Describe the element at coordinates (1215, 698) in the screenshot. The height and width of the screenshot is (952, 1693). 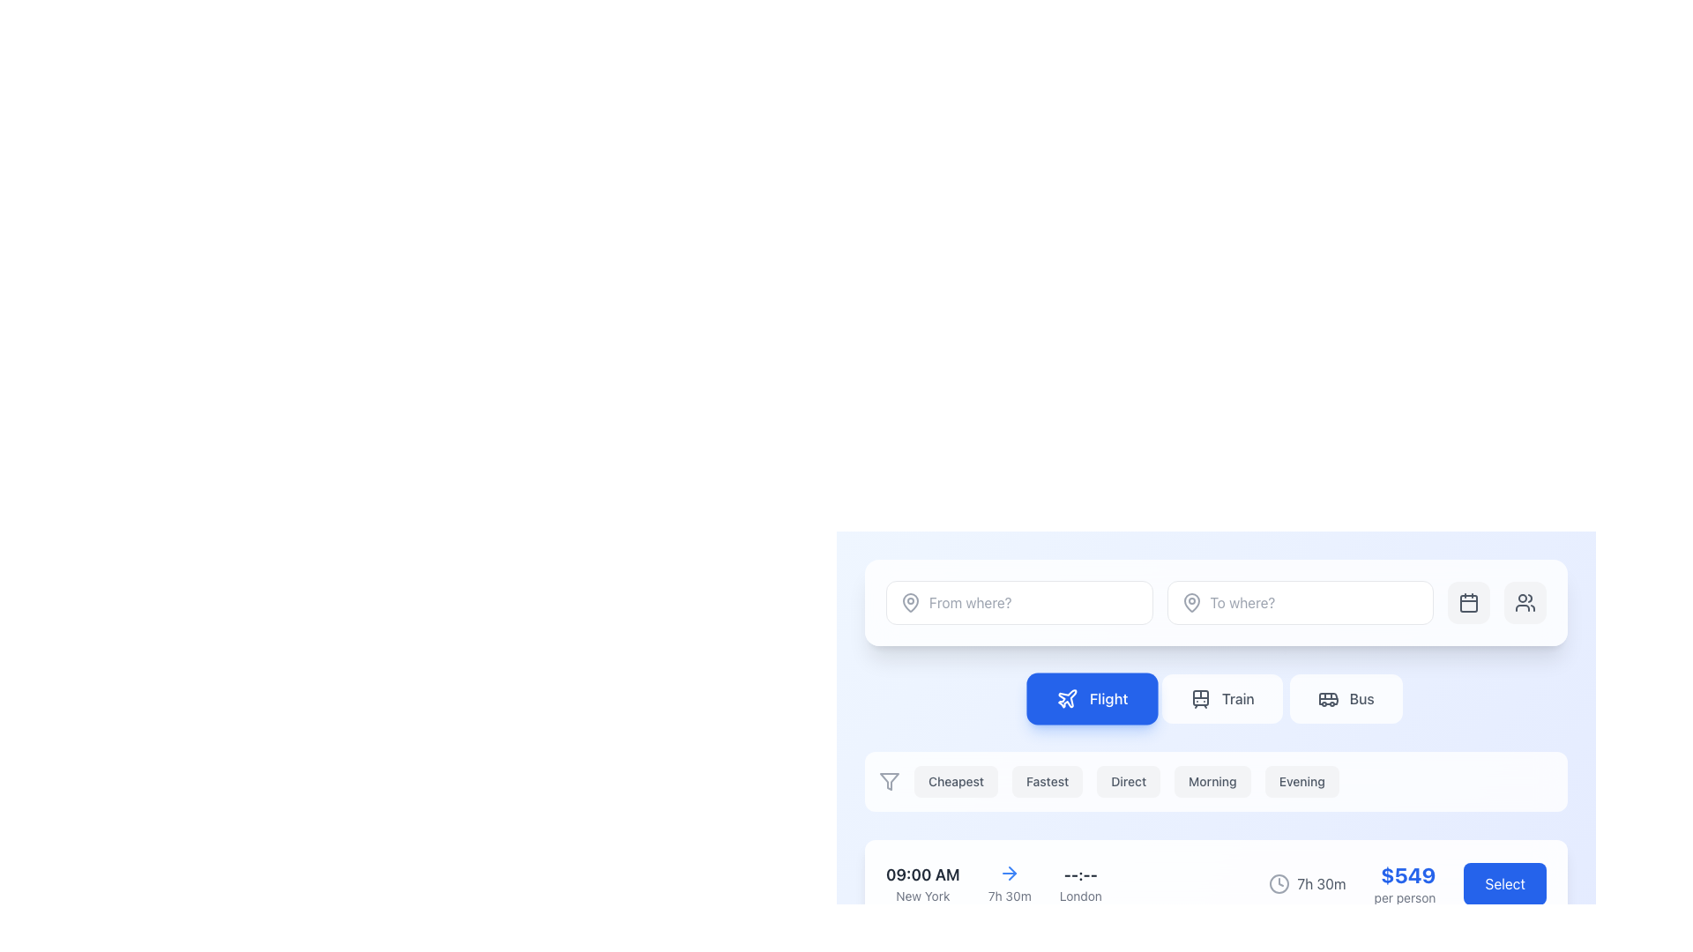
I see `the 'Train' button in the navigation menu` at that location.